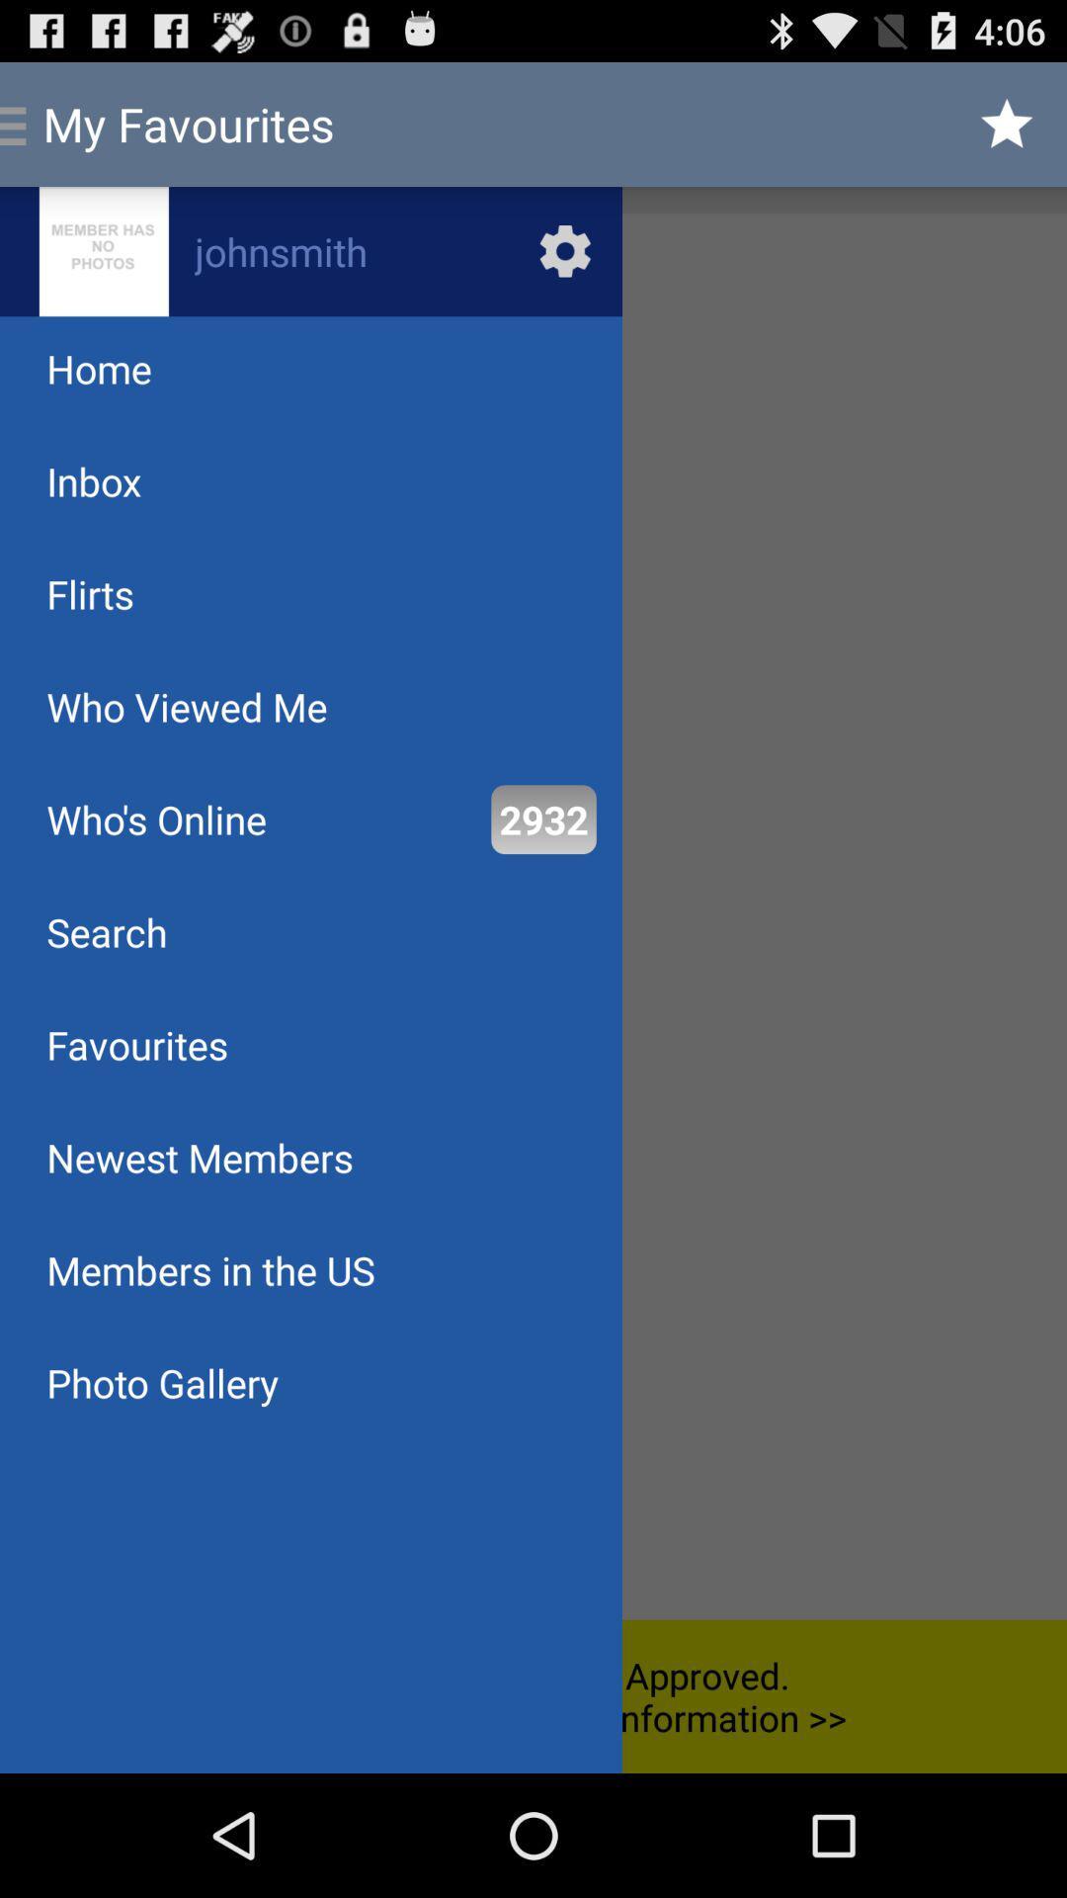  Describe the element at coordinates (311, 250) in the screenshot. I see `the item below my favourites icon` at that location.